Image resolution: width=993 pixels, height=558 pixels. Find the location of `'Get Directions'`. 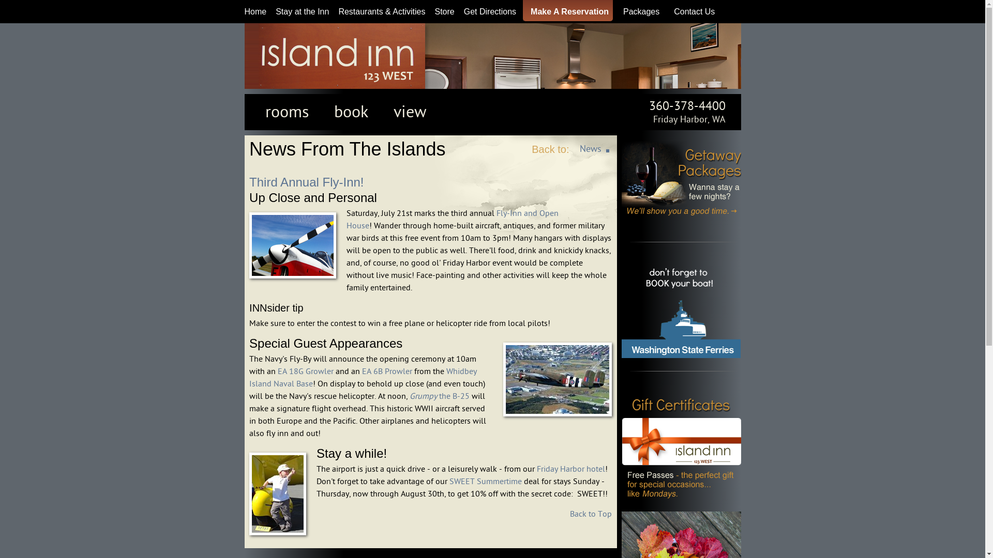

'Get Directions' is located at coordinates (489, 11).